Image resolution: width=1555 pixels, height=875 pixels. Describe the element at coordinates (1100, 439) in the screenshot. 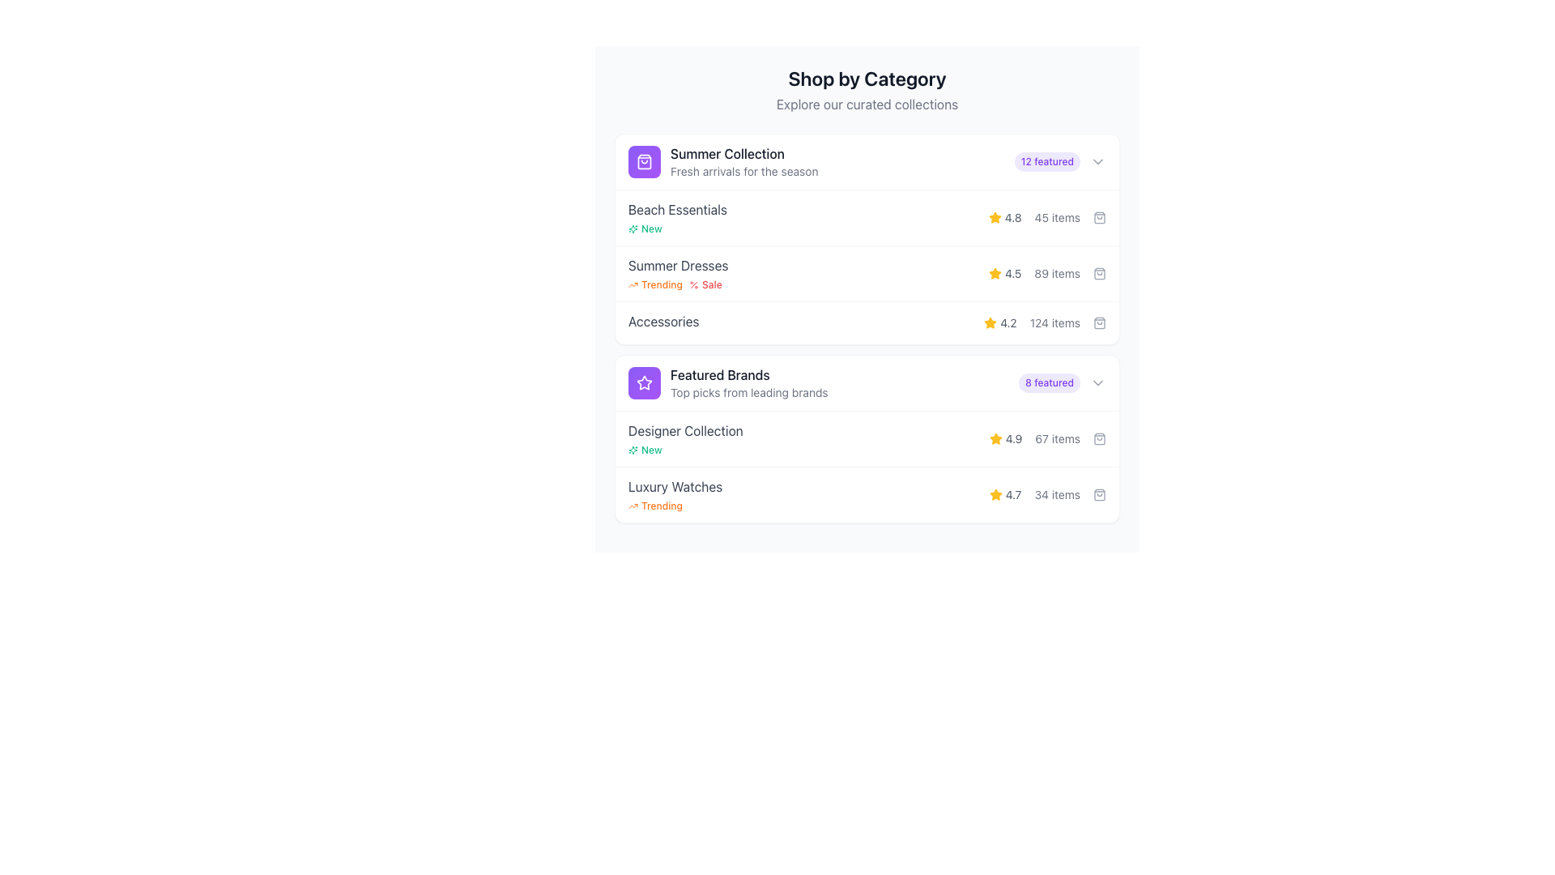

I see `the icon indicating the ability` at that location.